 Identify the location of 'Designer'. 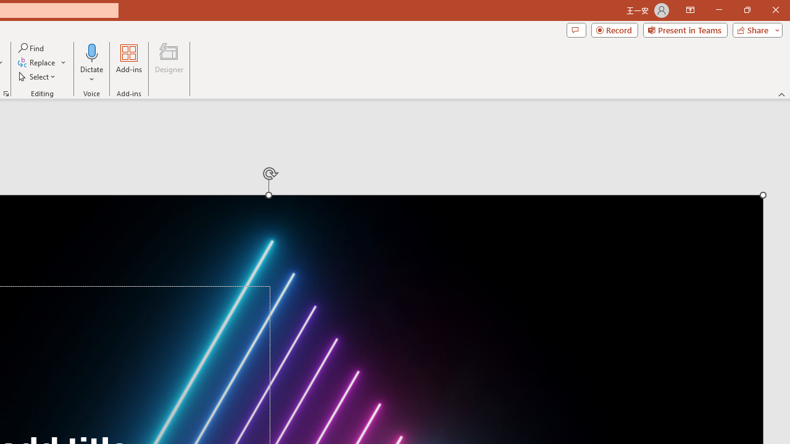
(168, 64).